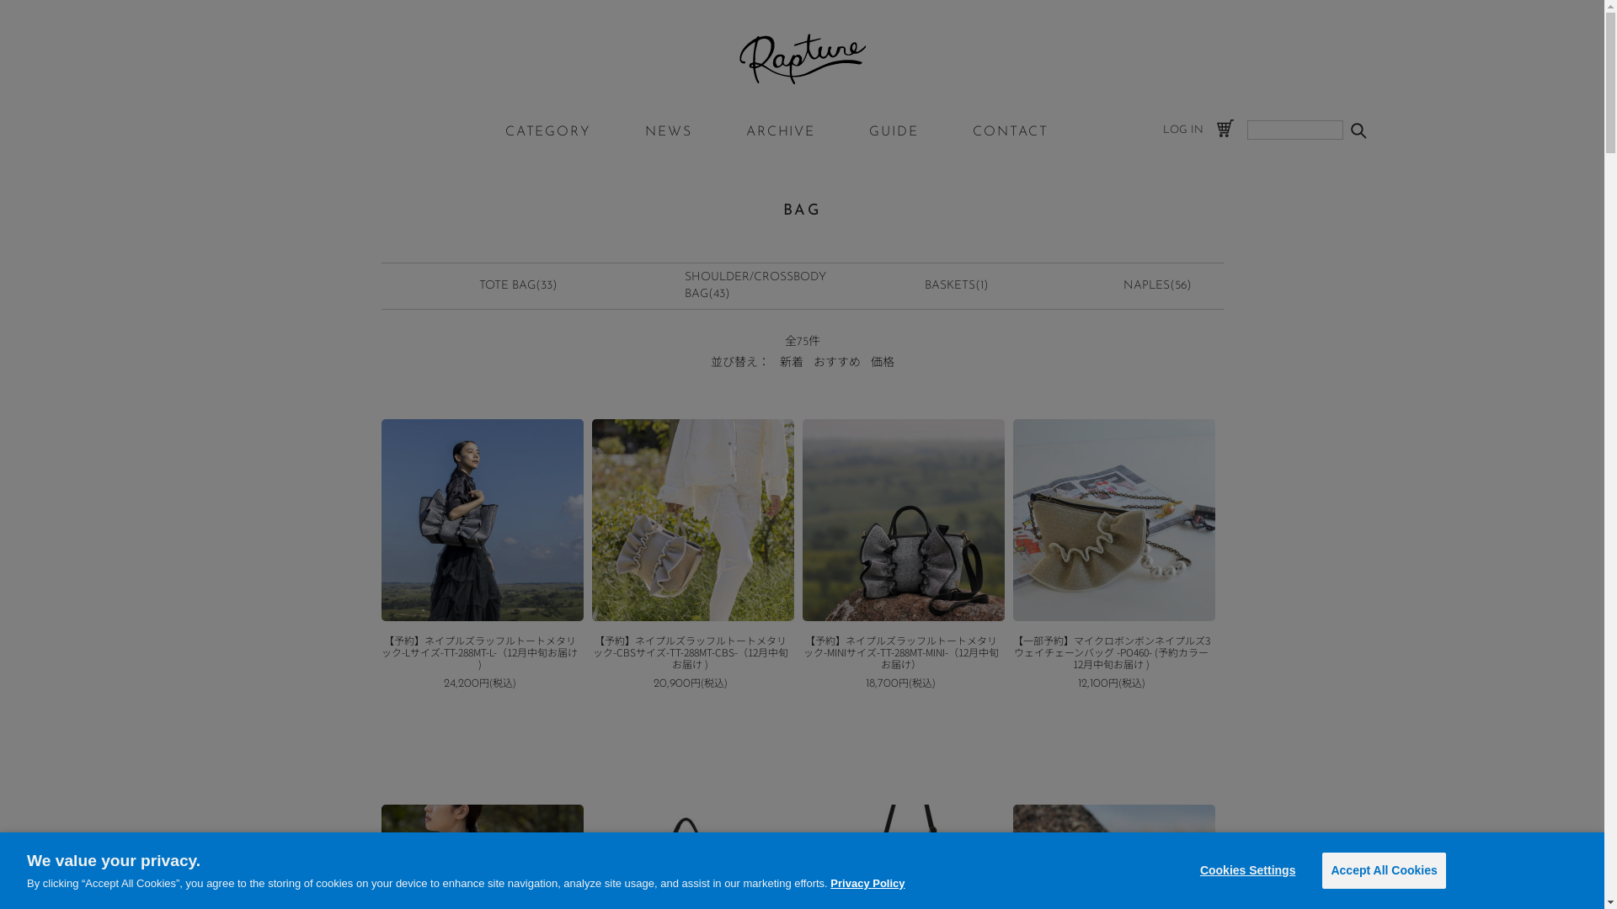 The height and width of the screenshot is (909, 1617). I want to click on 'NEWS', so click(644, 131).